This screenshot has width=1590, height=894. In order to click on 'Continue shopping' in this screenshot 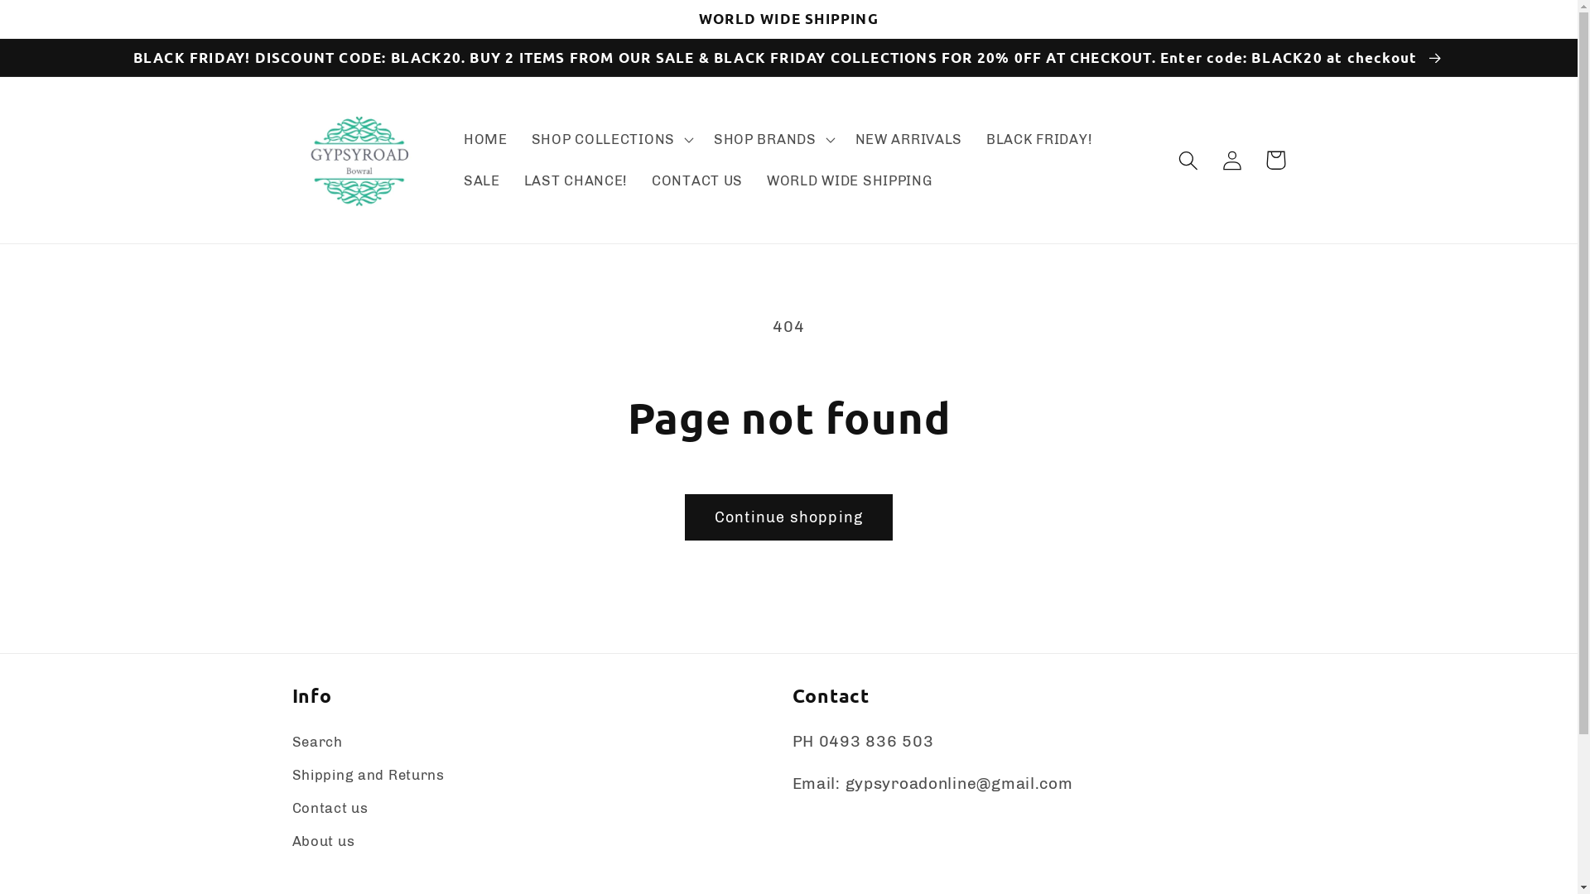, I will do `click(684, 516)`.